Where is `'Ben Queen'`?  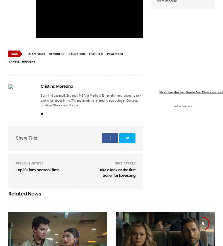
'Ben Queen' is located at coordinates (57, 54).